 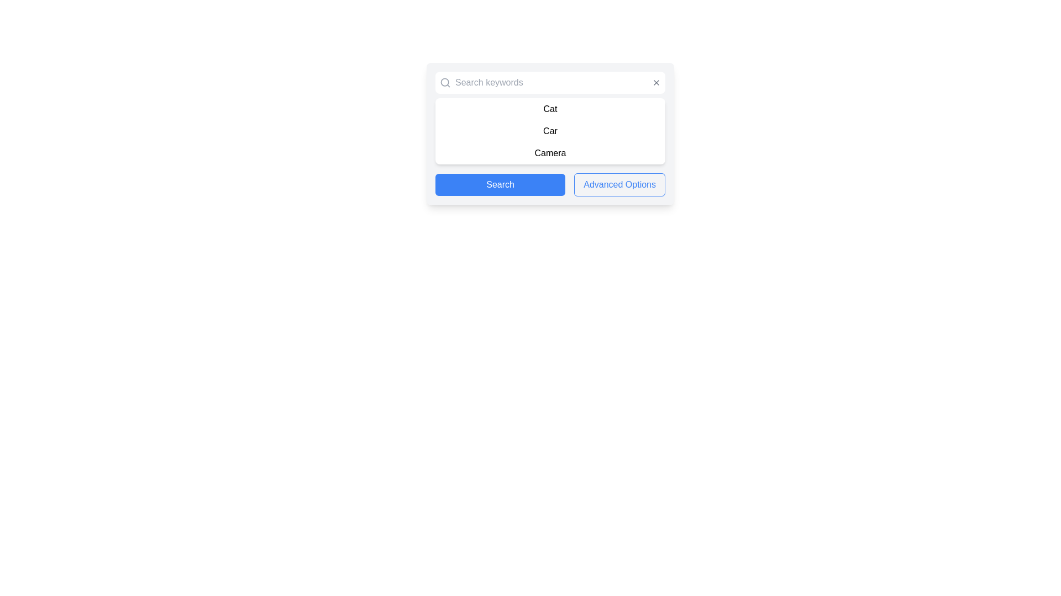 What do you see at coordinates (656, 82) in the screenshot?
I see `the small gray button with an 'X' icon located at the far right inside the rounded search box component` at bounding box center [656, 82].